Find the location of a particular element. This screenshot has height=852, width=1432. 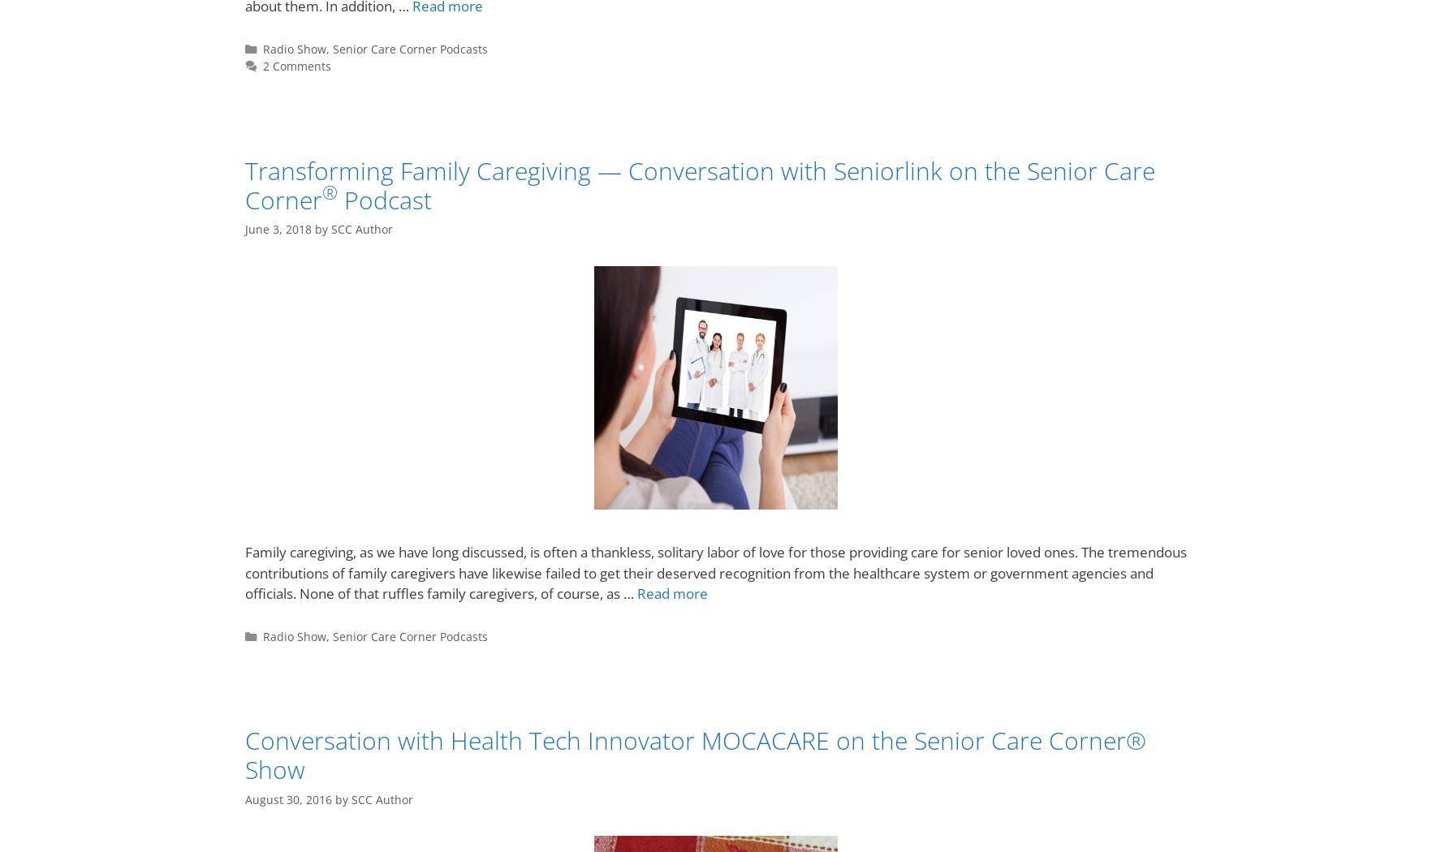

'Conversation with Health Tech Innovator MOCACARE on the Senior Care Corner® Show' is located at coordinates (695, 755).